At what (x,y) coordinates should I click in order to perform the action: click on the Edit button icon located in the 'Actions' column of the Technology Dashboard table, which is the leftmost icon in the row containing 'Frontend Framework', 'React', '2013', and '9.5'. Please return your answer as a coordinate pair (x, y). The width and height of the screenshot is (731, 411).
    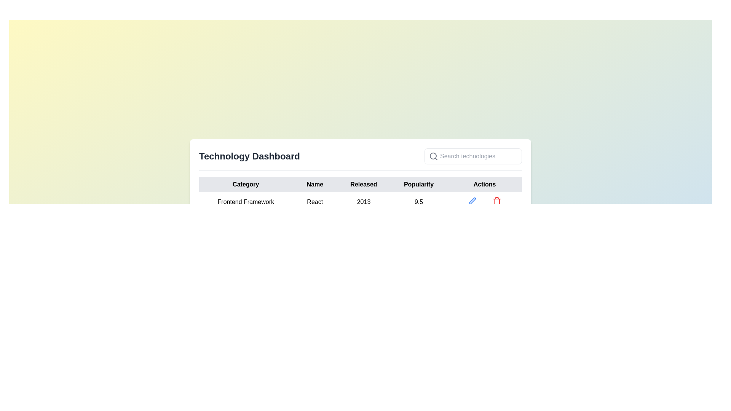
    Looking at the image, I should click on (472, 201).